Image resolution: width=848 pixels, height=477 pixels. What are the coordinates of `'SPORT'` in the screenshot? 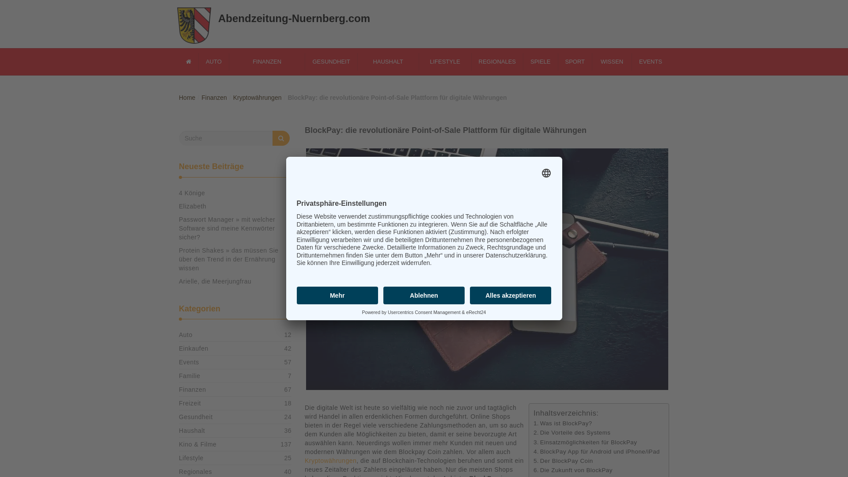 It's located at (572, 61).